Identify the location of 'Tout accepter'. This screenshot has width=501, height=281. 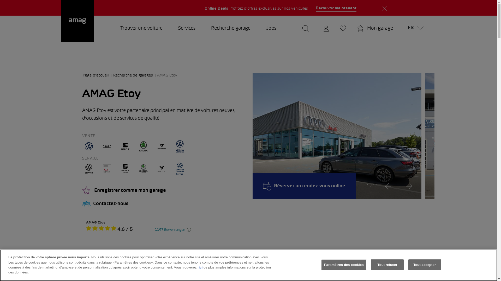
(408, 265).